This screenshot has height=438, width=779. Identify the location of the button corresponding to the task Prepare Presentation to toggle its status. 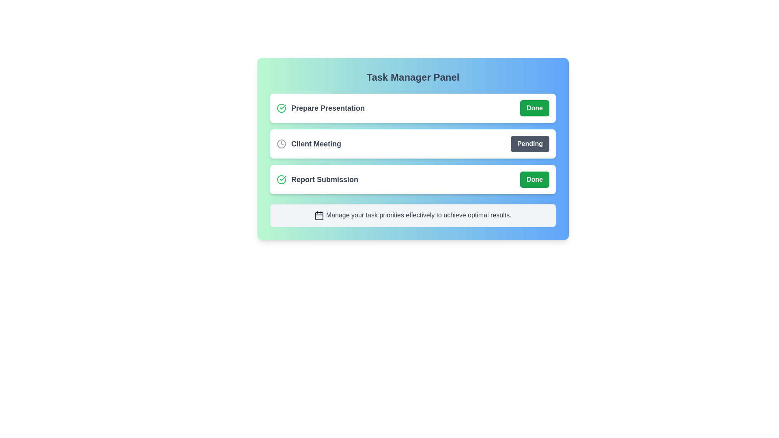
(535, 107).